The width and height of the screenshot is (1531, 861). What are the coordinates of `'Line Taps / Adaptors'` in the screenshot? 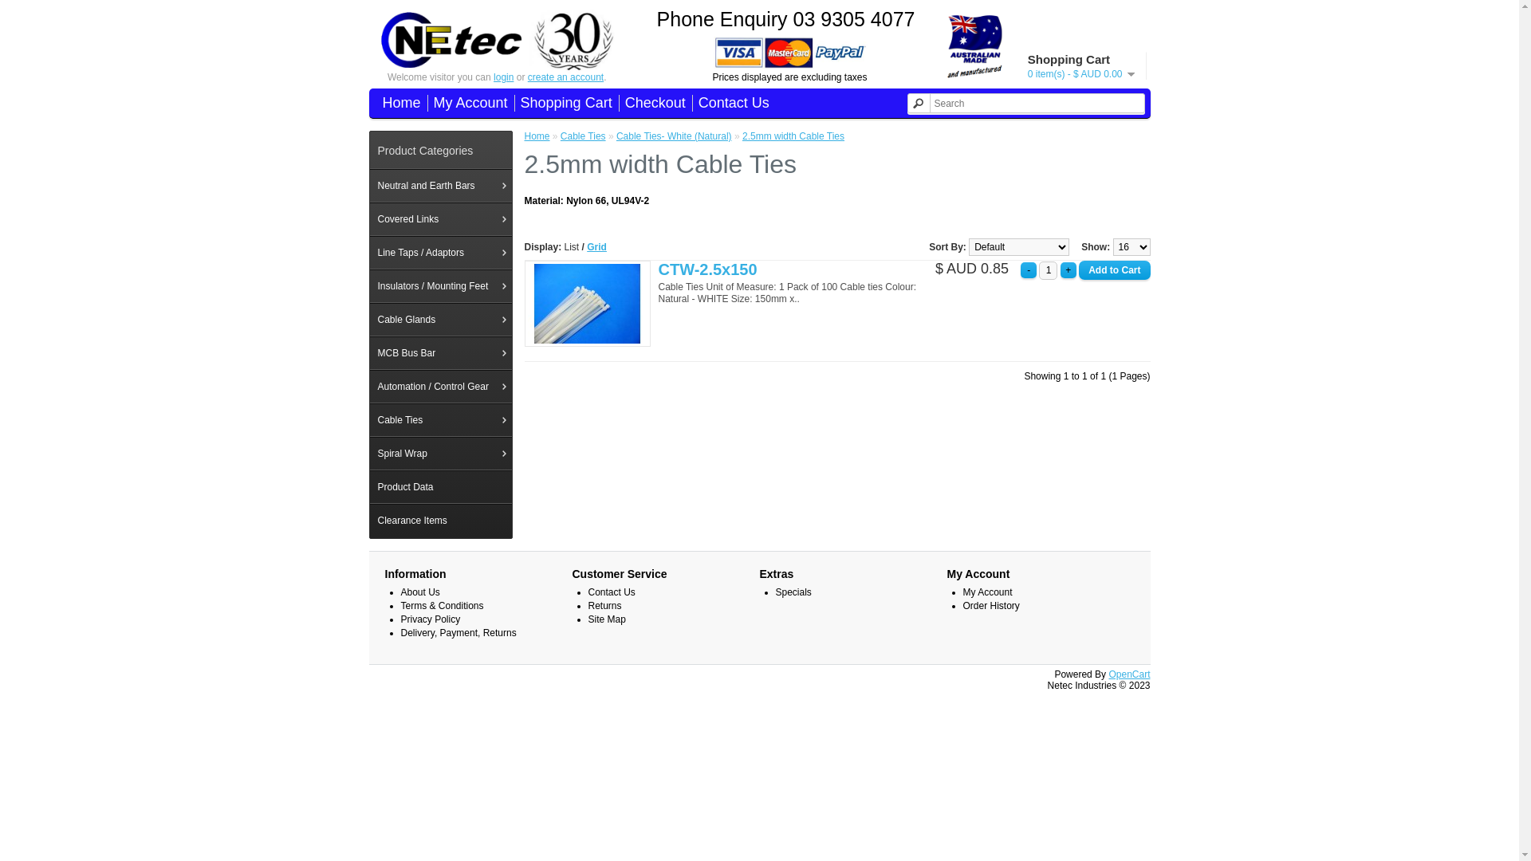 It's located at (440, 251).